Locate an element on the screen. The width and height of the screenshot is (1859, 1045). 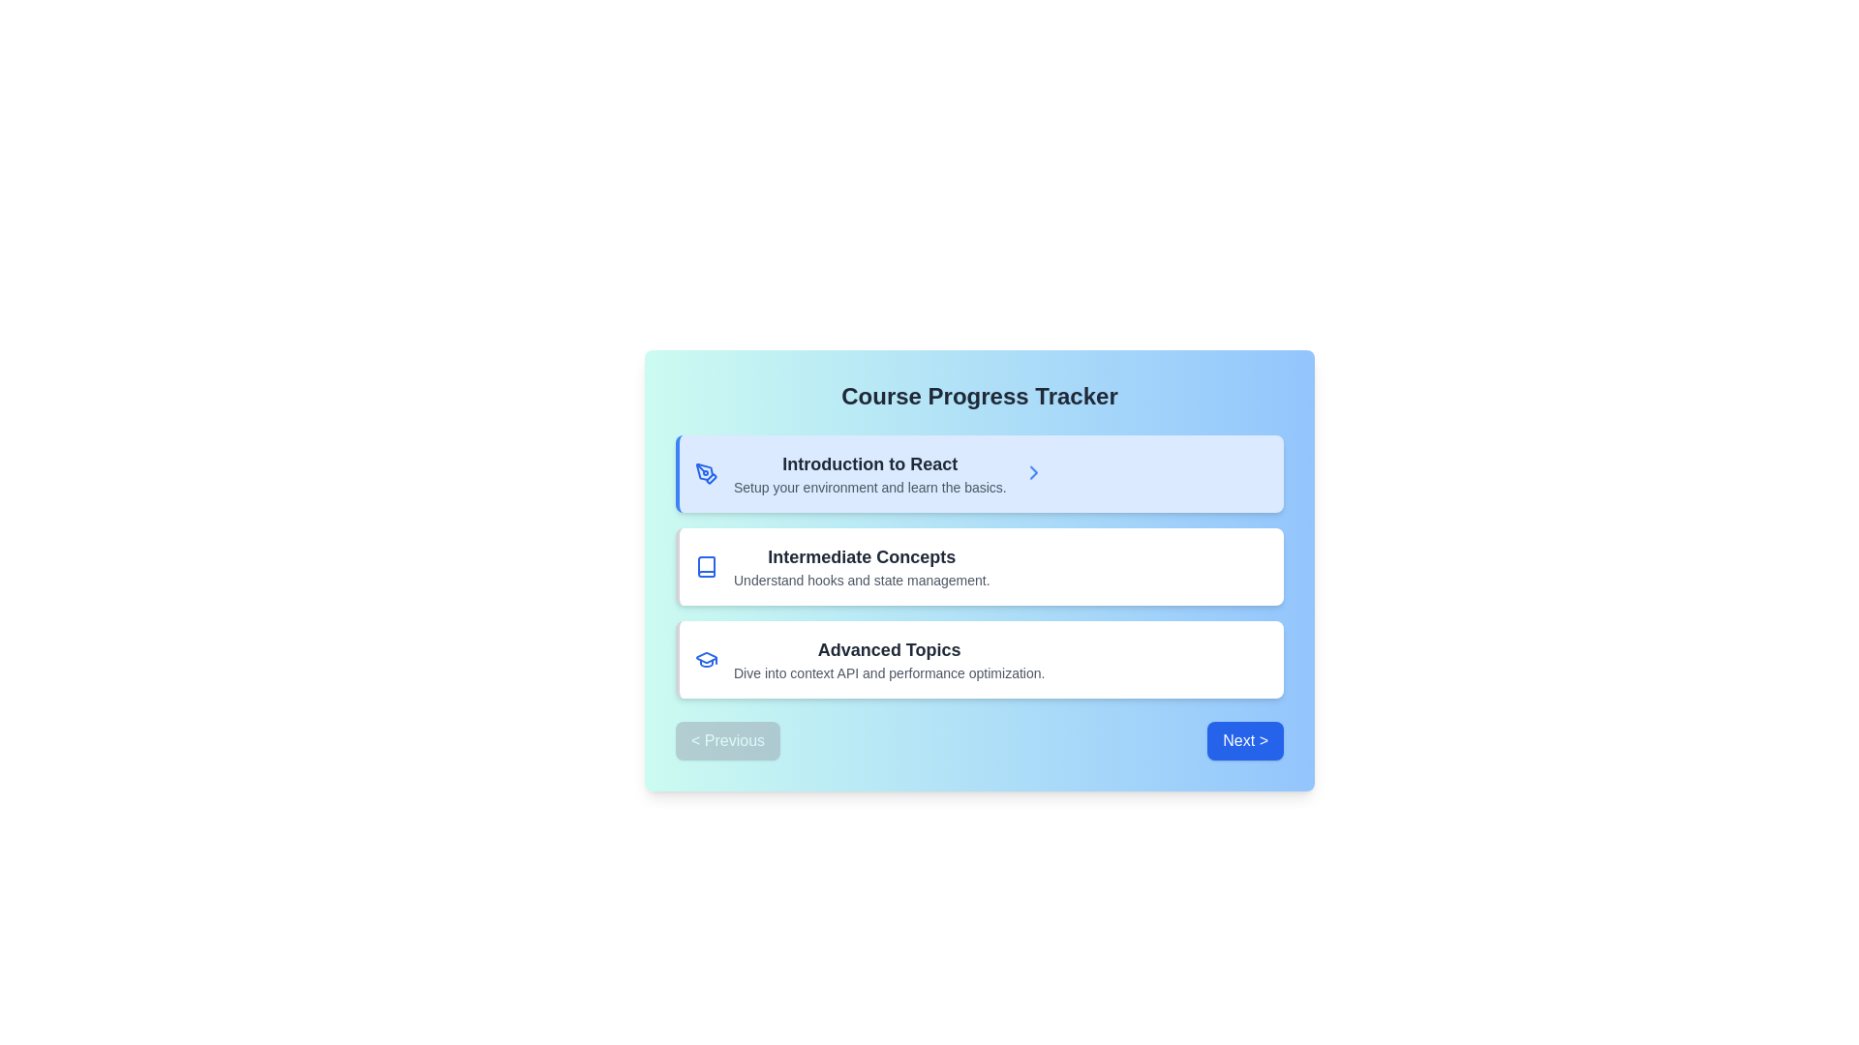
the text label that states 'Dive into context API and performance optimization.', which is positioned below the title 'Advanced Topics' in the 'Course Progress Tracker' section is located at coordinates (888, 672).